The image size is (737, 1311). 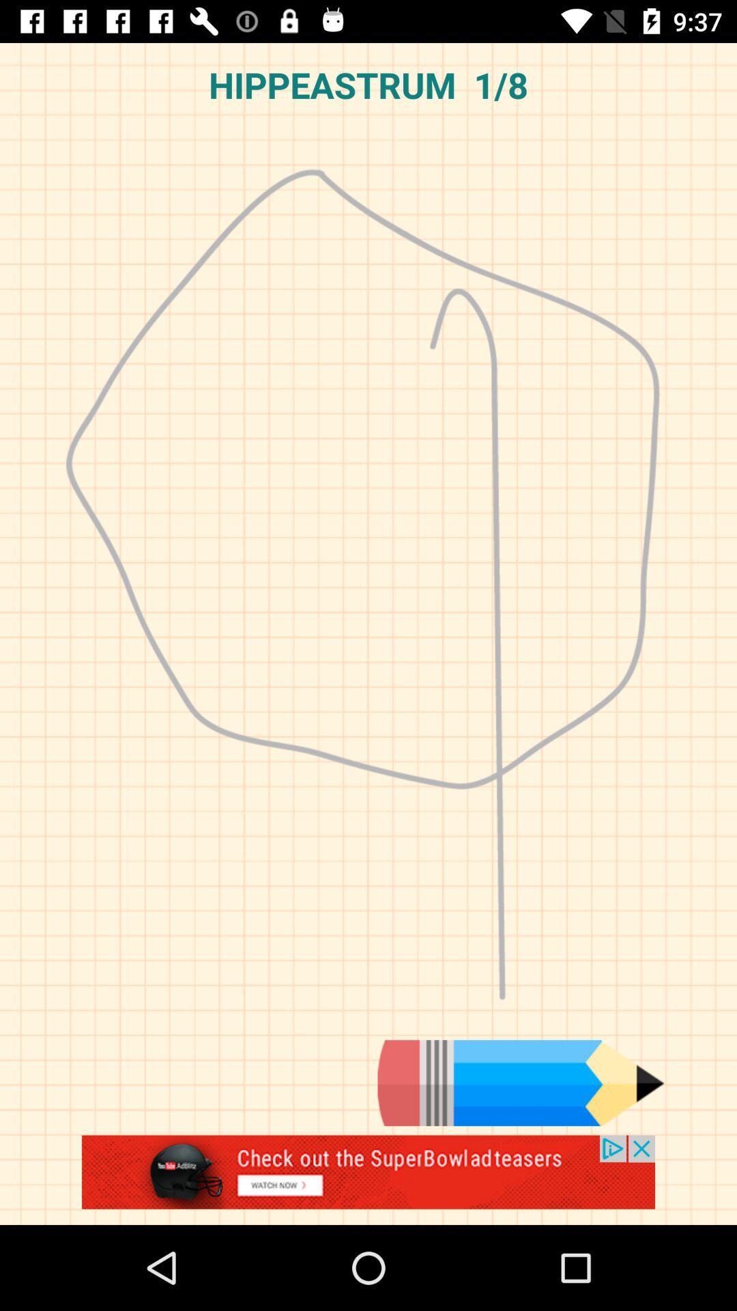 What do you see at coordinates (369, 1179) in the screenshot?
I see `advertisement about youtube` at bounding box center [369, 1179].